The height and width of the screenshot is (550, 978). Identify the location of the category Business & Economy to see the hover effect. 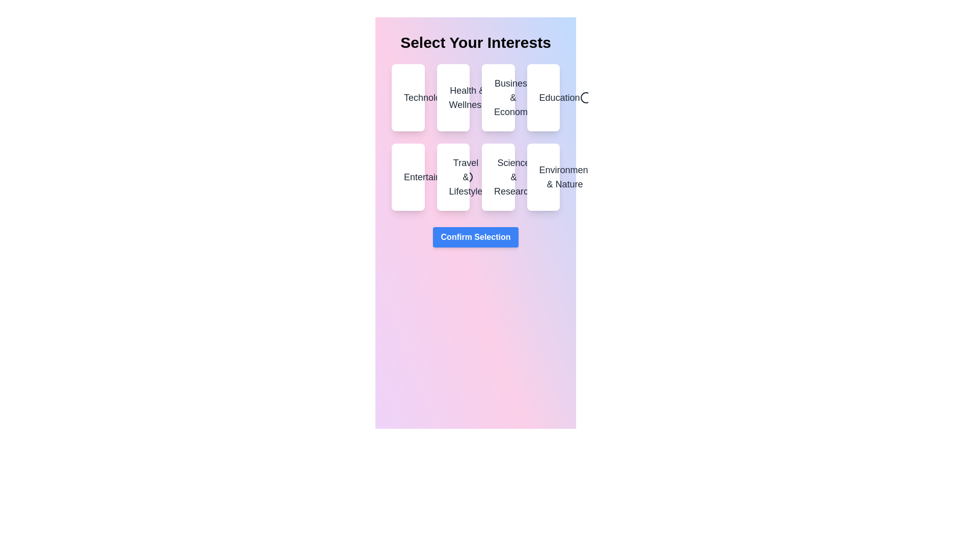
(498, 98).